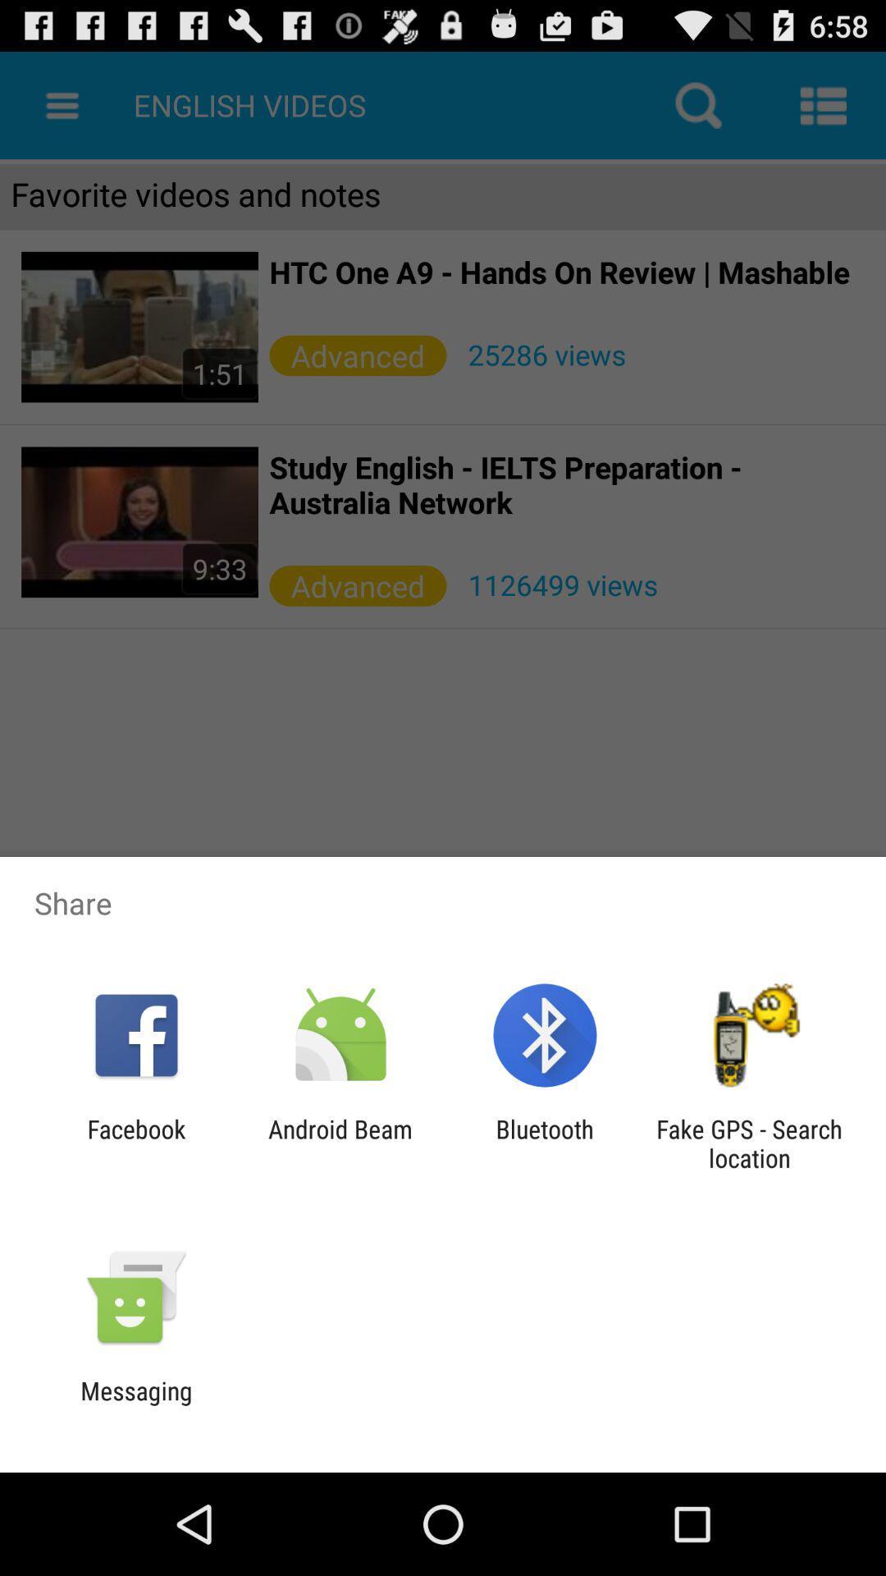  I want to click on bluetooth app, so click(545, 1143).